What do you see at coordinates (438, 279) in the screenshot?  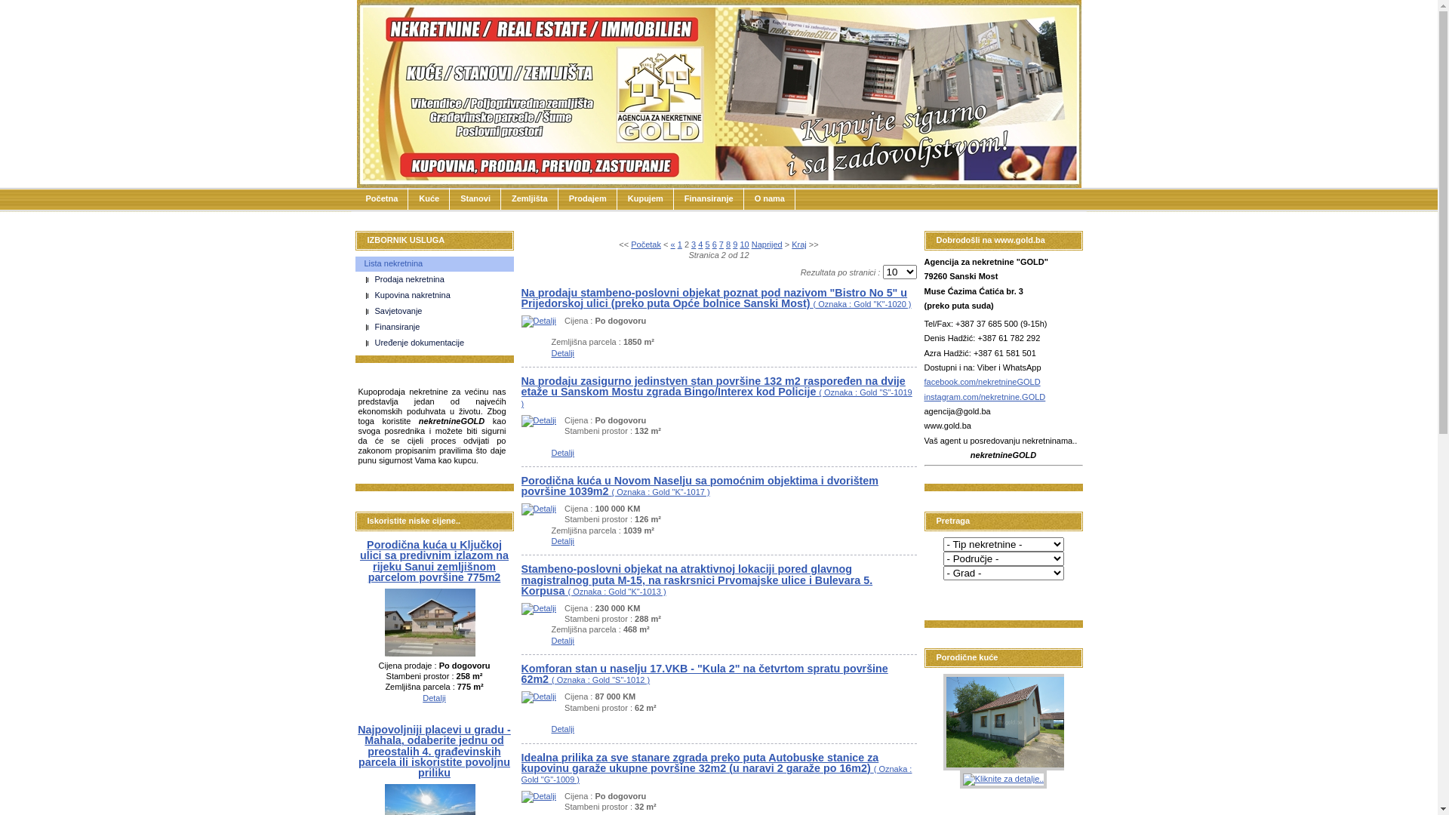 I see `'Prodaja nekretnina'` at bounding box center [438, 279].